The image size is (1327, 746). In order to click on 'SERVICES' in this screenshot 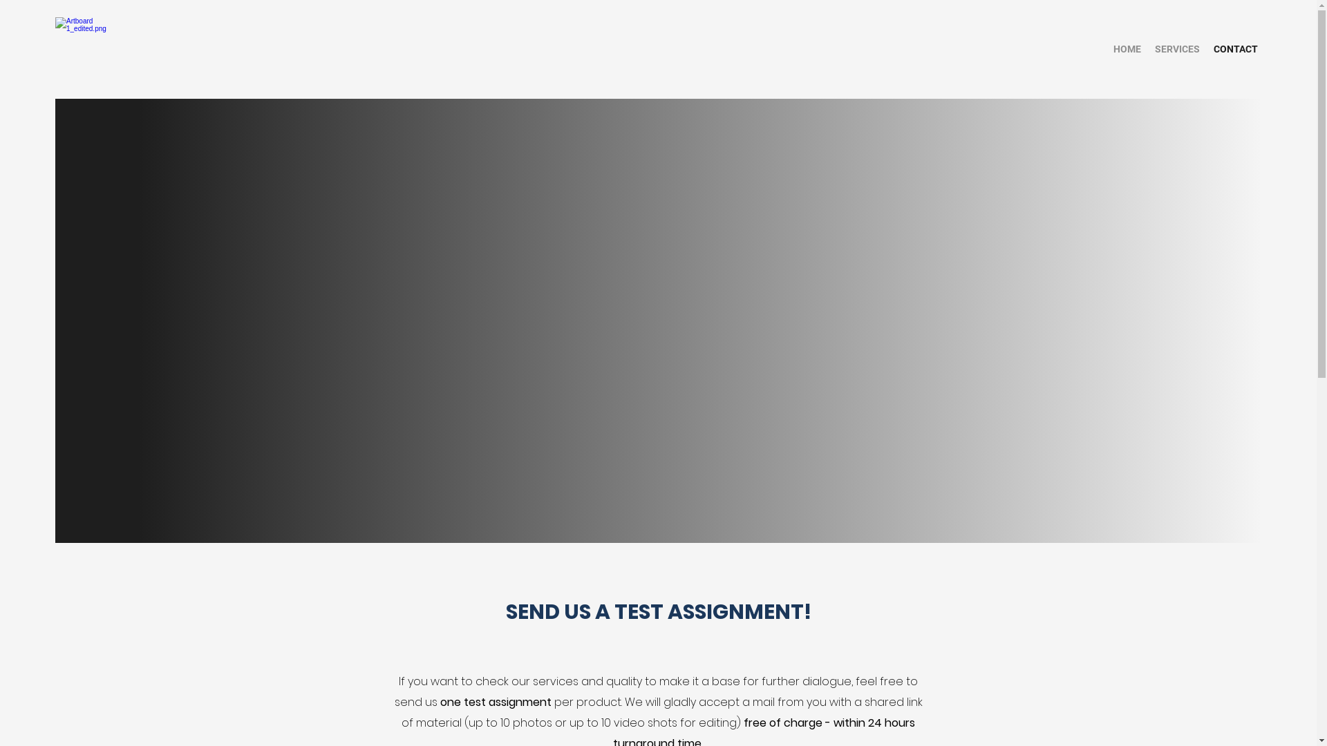, I will do `click(1176, 48)`.